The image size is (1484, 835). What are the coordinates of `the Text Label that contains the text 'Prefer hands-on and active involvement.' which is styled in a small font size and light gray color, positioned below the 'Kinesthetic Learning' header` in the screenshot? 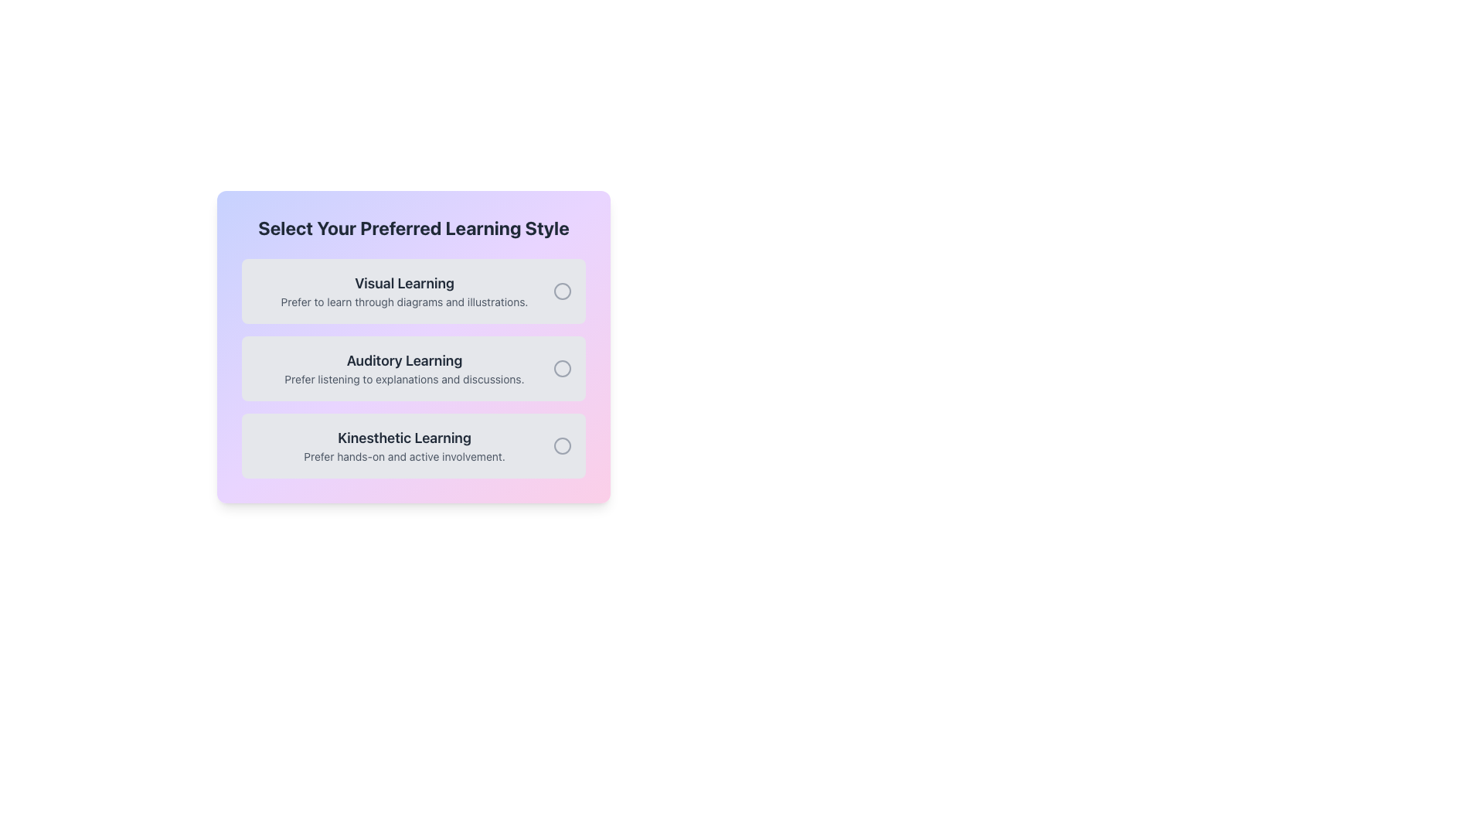 It's located at (404, 455).